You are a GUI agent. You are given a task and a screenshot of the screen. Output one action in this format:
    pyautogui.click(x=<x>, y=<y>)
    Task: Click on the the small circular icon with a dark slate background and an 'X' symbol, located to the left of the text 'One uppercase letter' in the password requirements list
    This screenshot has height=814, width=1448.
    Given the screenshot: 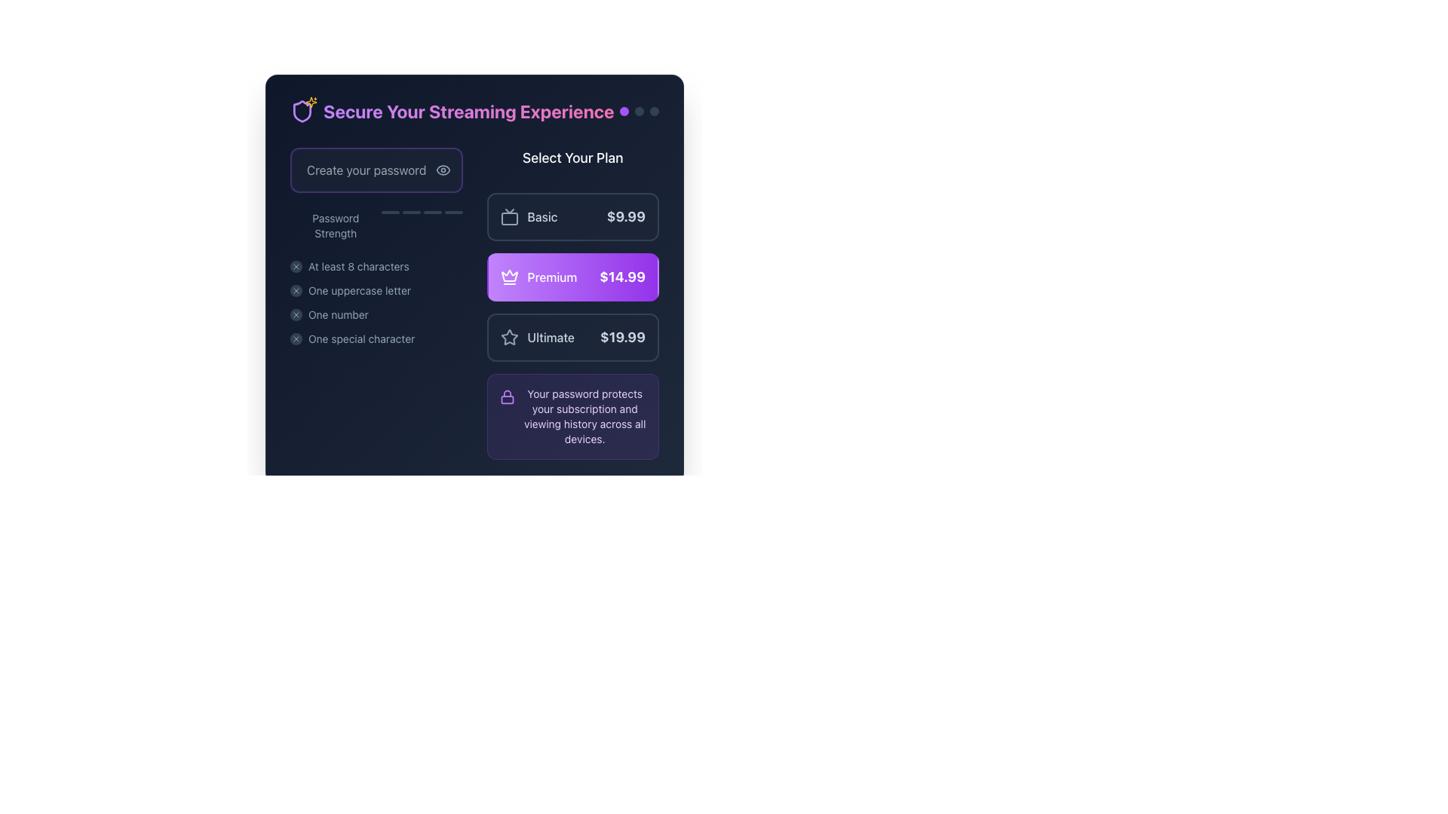 What is the action you would take?
    pyautogui.click(x=296, y=290)
    